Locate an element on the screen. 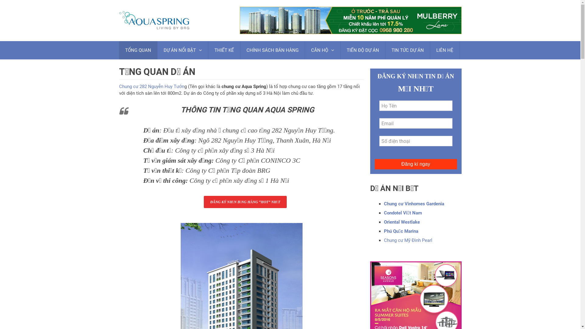 Image resolution: width=585 pixels, height=329 pixels. 'Oriental Westlake' is located at coordinates (402, 222).